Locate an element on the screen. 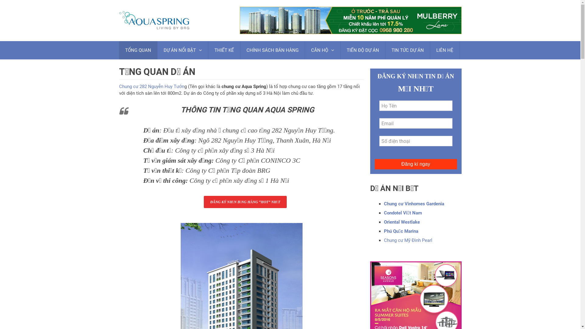 Image resolution: width=585 pixels, height=329 pixels. 'Oriental Westlake' is located at coordinates (402, 222).